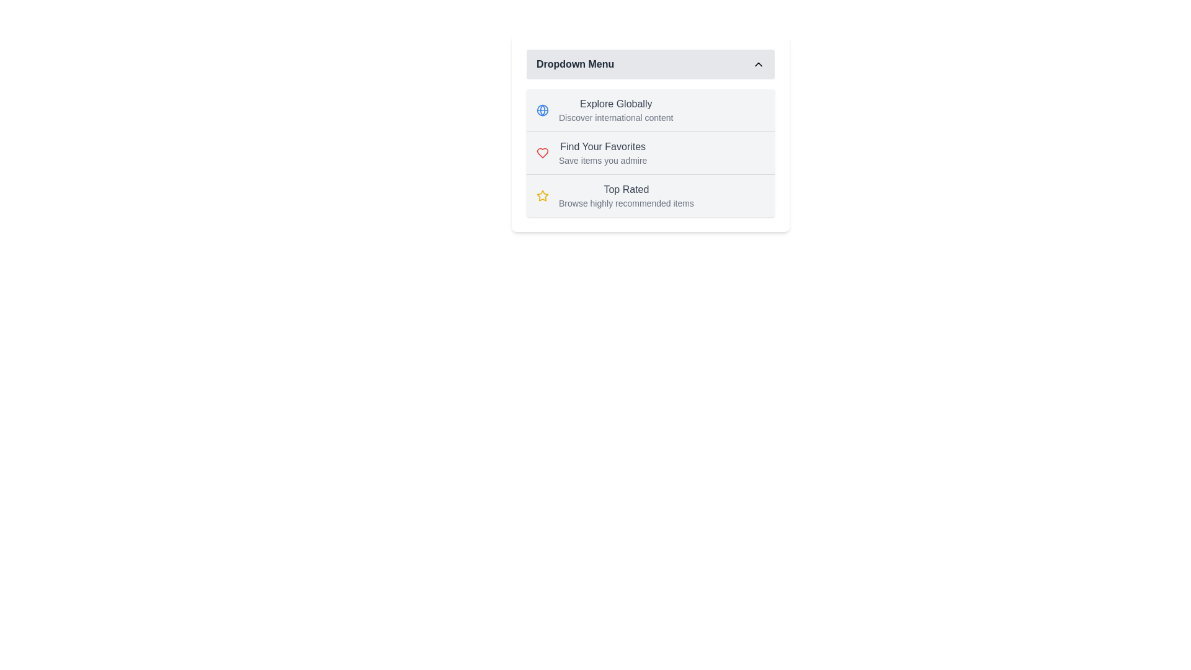 The image size is (1191, 670). What do you see at coordinates (650, 152) in the screenshot?
I see `the second interactive button in the dropdown menu that serves as an option selector for saving or marking favorite items` at bounding box center [650, 152].